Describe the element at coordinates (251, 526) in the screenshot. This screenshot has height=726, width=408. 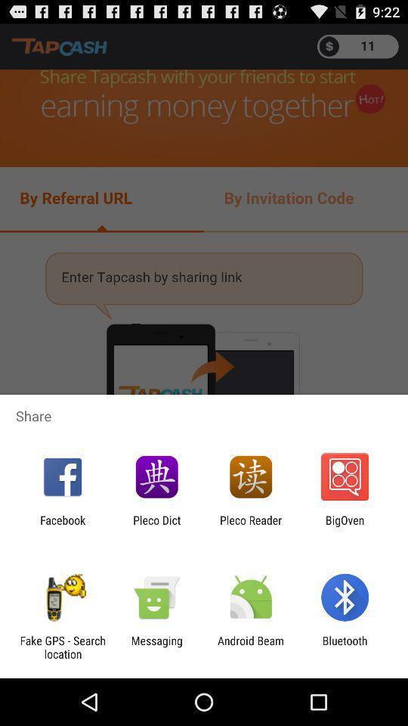
I see `the pleco reader icon` at that location.